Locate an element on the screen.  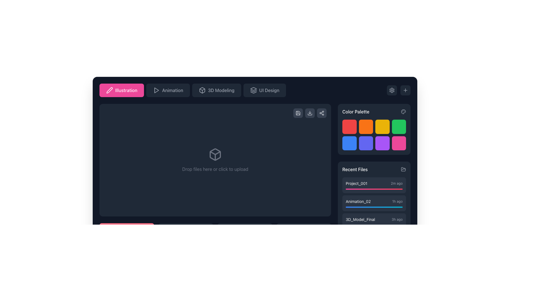
the Progress bar element located directly below the '3D_Model_Final 3h ago' text in the 'Recent Files' section of the right sidebar is located at coordinates (374, 225).